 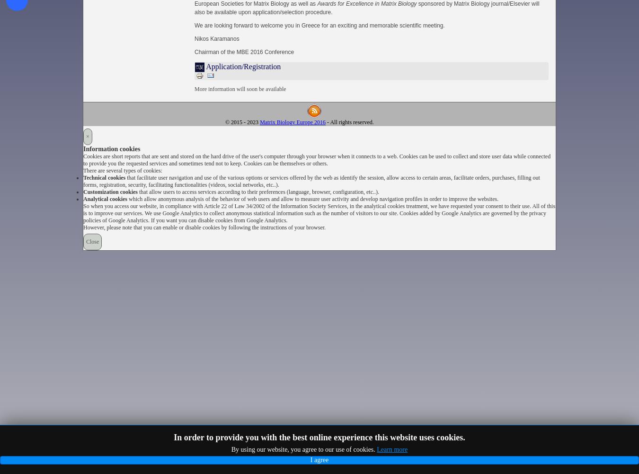 I want to click on 'I agree', so click(x=310, y=459).